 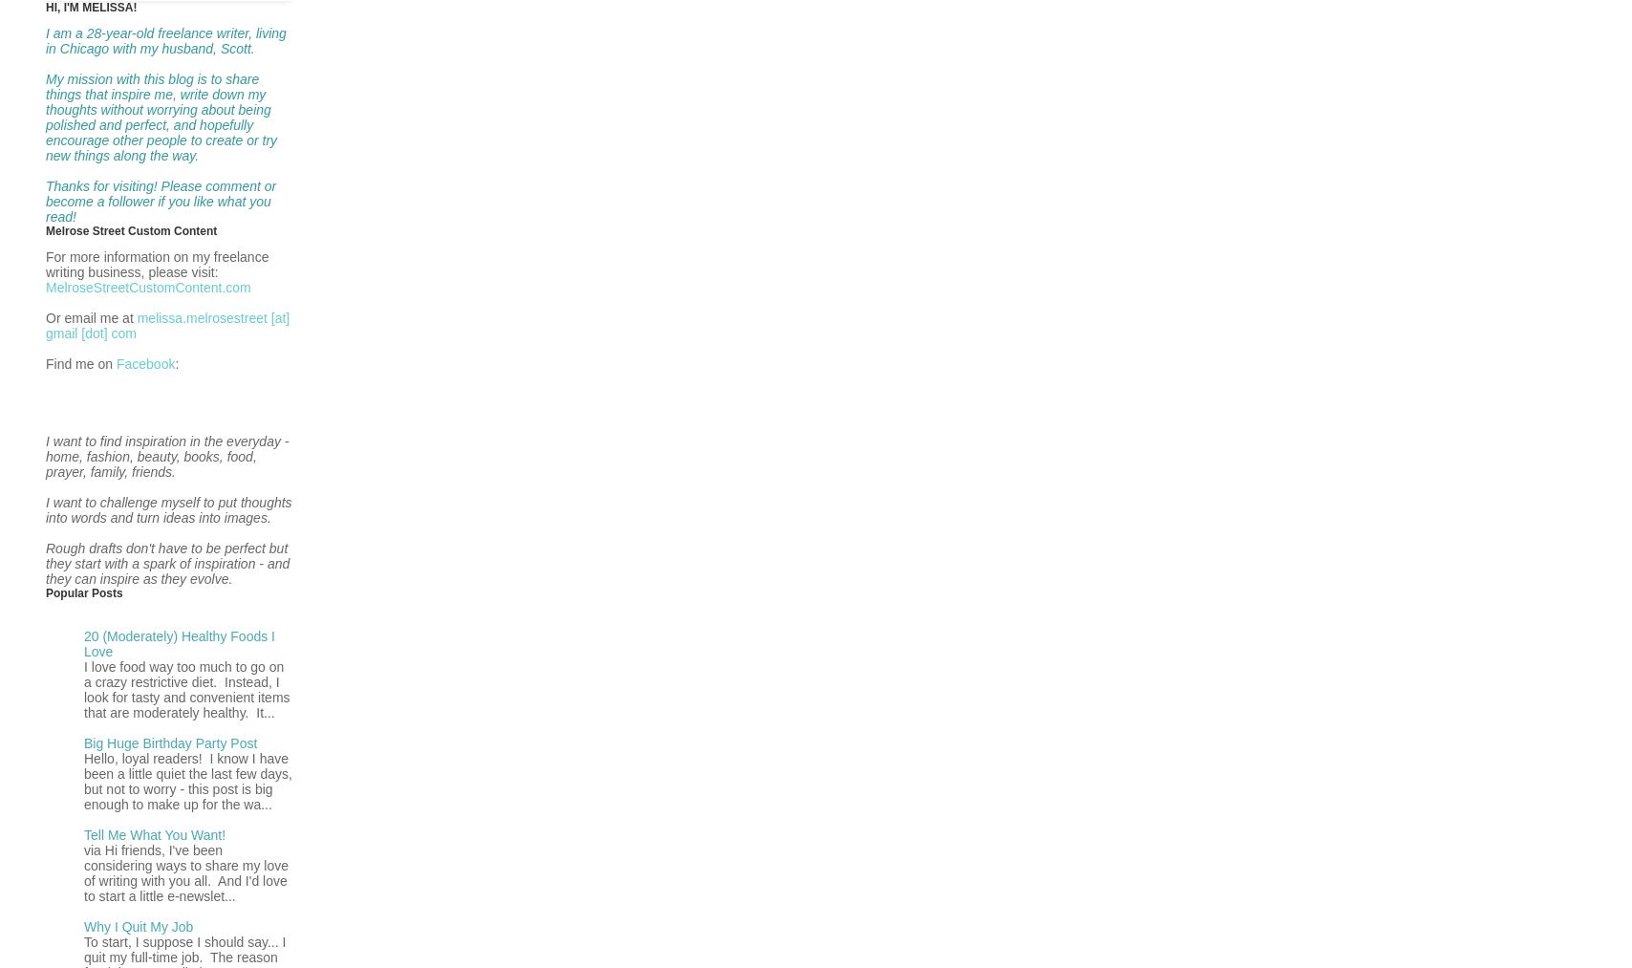 I want to click on 'Popular Posts', so click(x=83, y=591).